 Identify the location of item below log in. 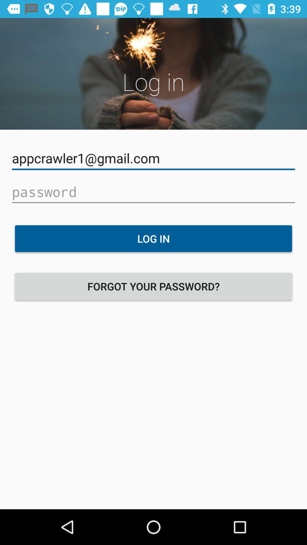
(153, 286).